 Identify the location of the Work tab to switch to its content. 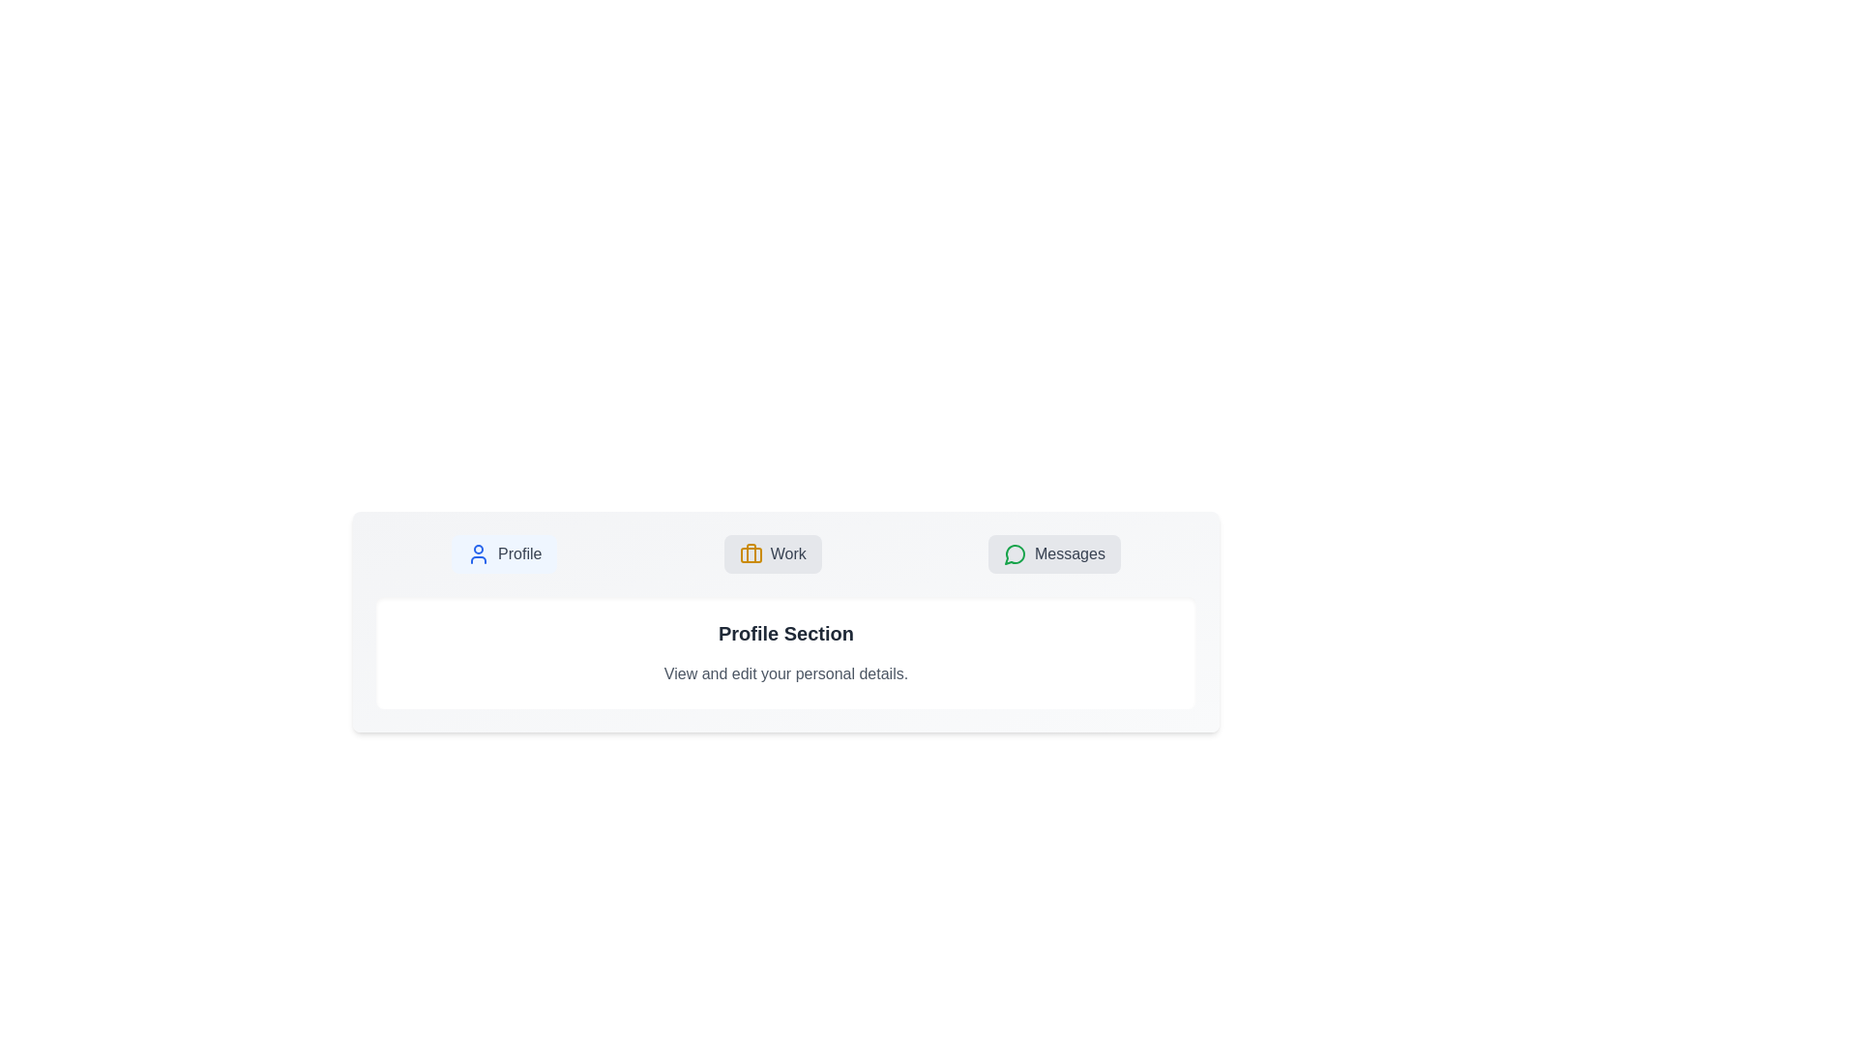
(772, 554).